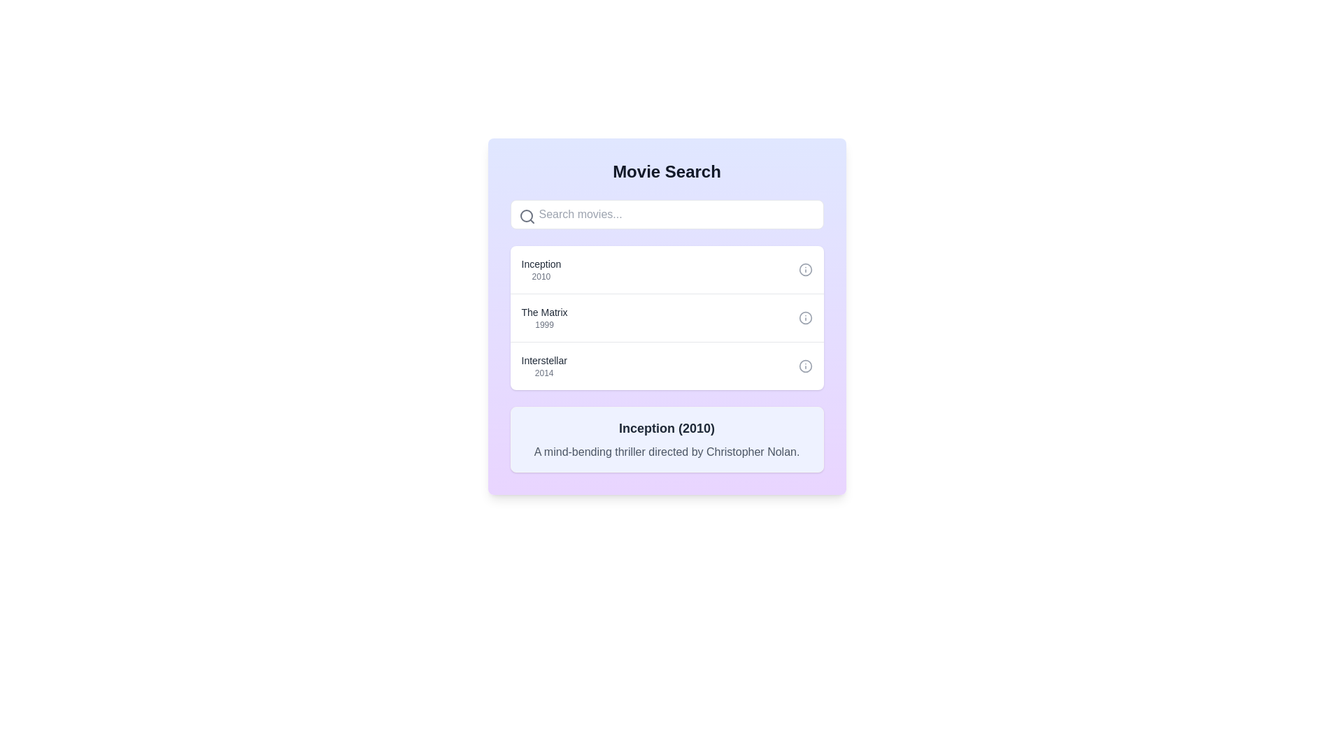  What do you see at coordinates (666, 365) in the screenshot?
I see `to select the movie entry for 'Interstellar' from the list, which is the third item displayed below 'Inception' and 'The Matrix'` at bounding box center [666, 365].